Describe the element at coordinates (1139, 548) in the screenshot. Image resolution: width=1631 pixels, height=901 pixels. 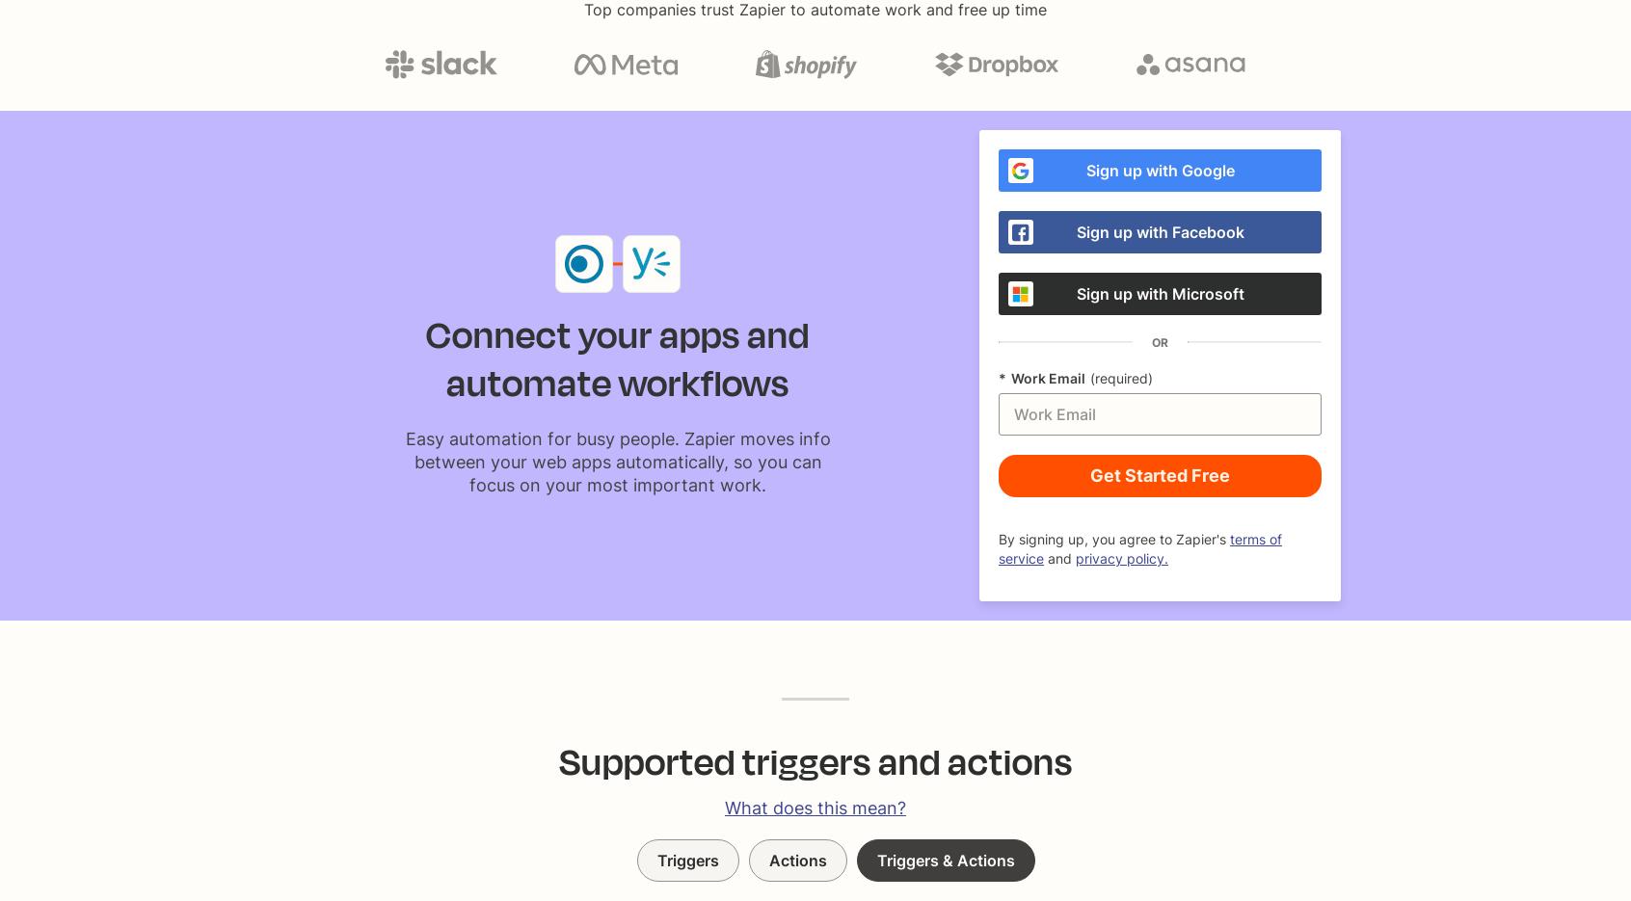
I see `'terms of service'` at that location.